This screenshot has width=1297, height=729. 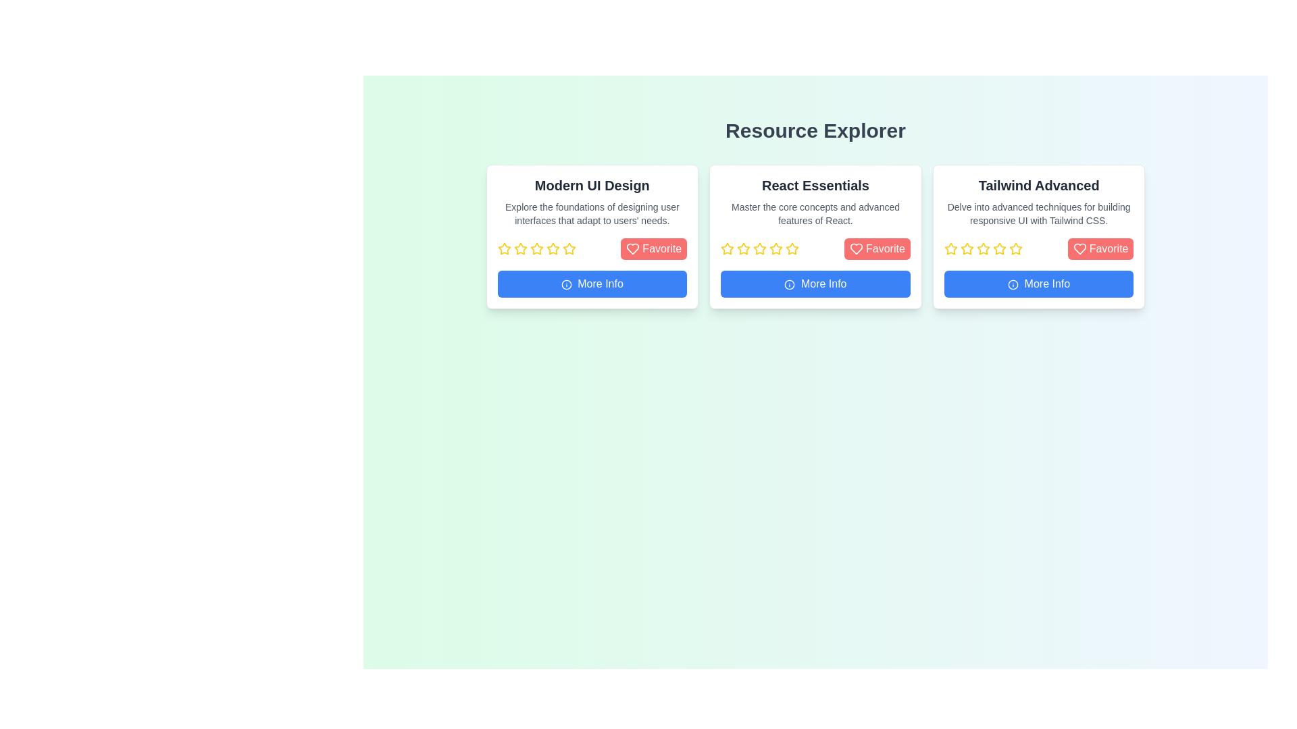 What do you see at coordinates (1013, 283) in the screenshot?
I see `the icon within the 'More Info' button located at the bottom section of the 'Tailwind Advanced' card` at bounding box center [1013, 283].